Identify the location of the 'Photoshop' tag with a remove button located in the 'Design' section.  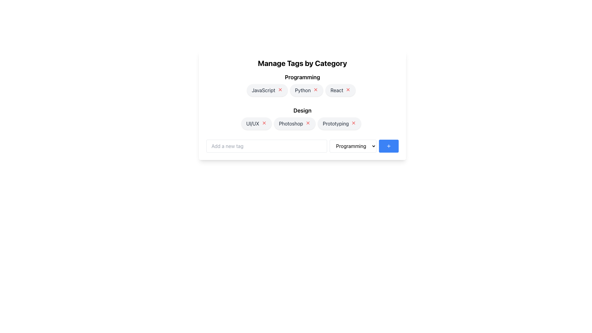
(294, 124).